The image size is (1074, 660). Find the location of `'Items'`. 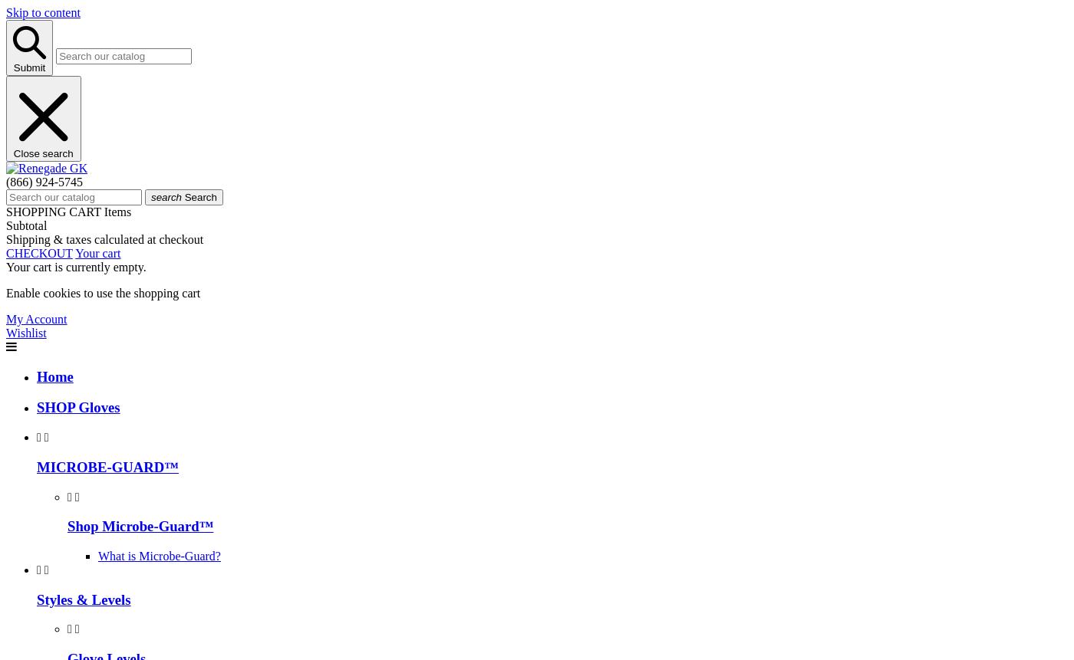

'Items' is located at coordinates (117, 211).